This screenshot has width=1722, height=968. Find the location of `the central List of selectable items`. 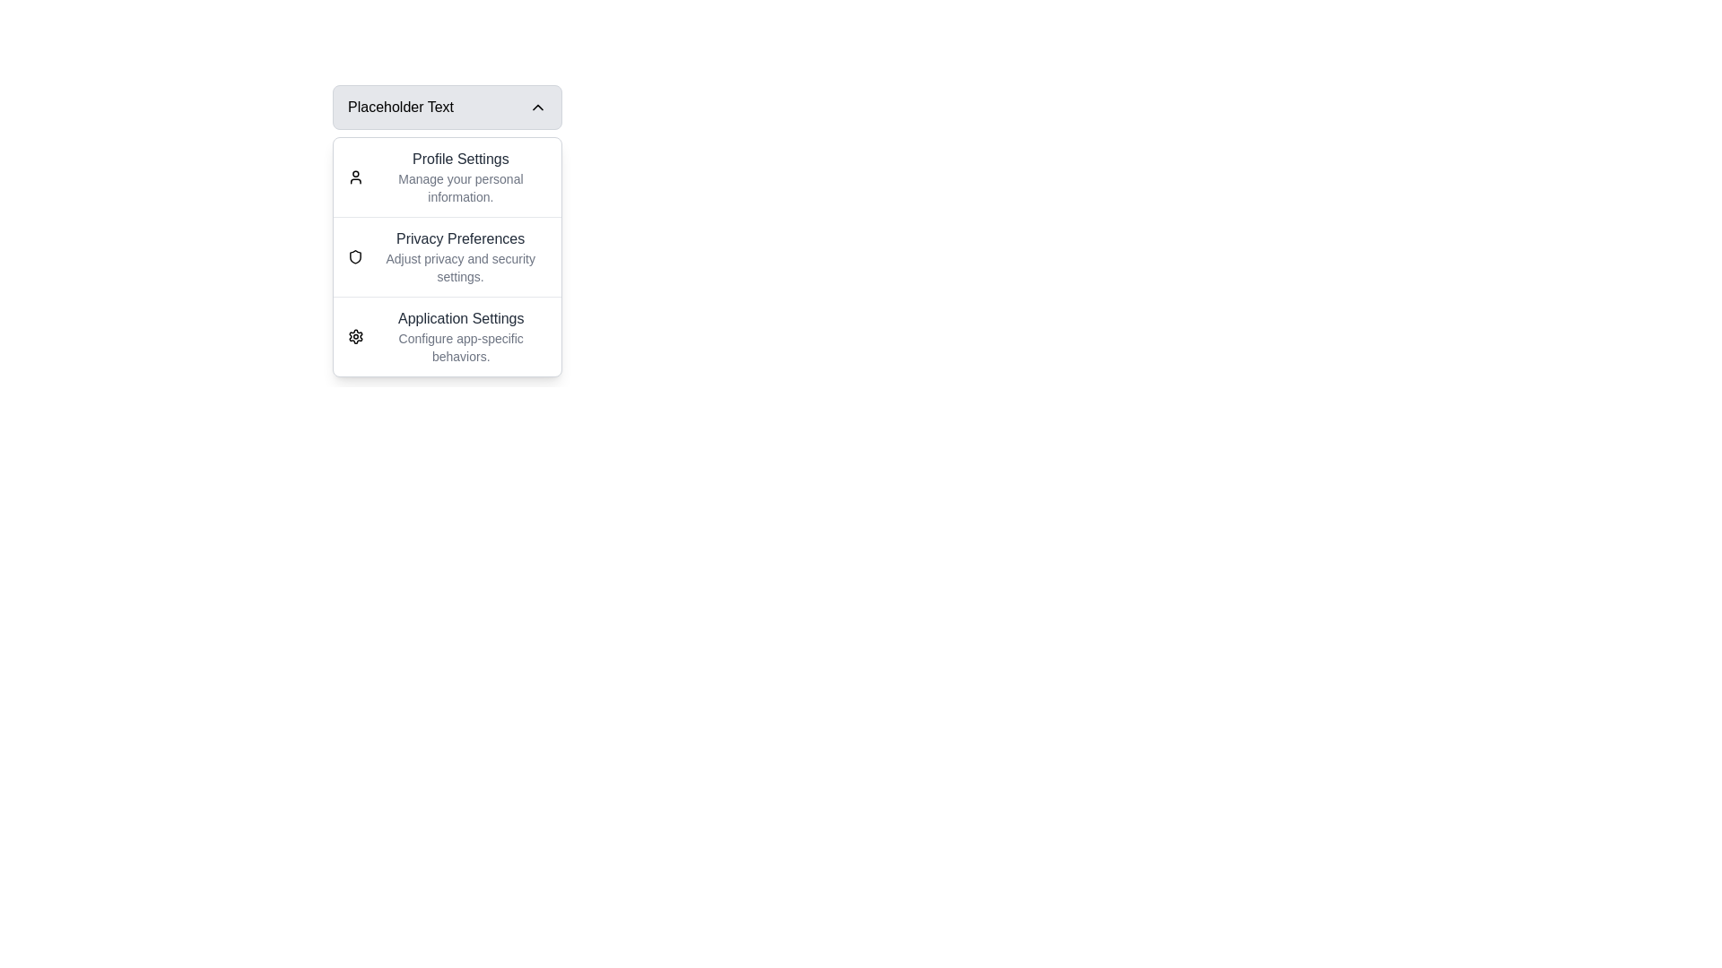

the central List of selectable items is located at coordinates (448, 256).